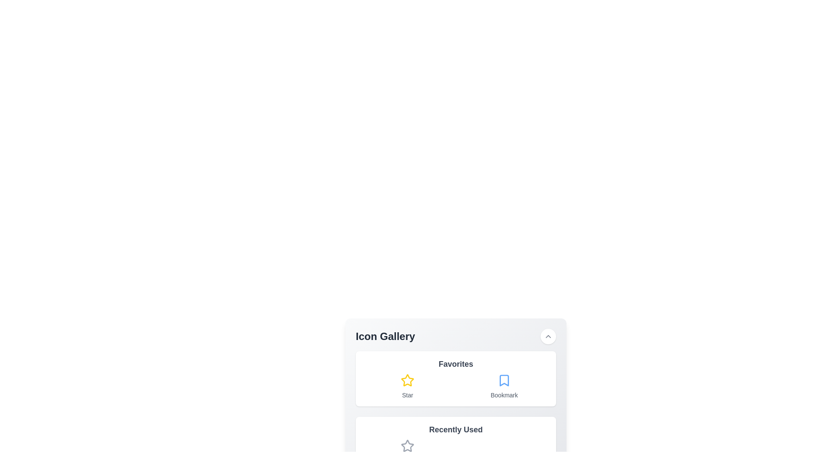 This screenshot has width=829, height=466. Describe the element at coordinates (456, 429) in the screenshot. I see `the 'Recently Used' text label, which serves as a section header located below the 'Favorites' section and above the grid layout containing icons` at that location.